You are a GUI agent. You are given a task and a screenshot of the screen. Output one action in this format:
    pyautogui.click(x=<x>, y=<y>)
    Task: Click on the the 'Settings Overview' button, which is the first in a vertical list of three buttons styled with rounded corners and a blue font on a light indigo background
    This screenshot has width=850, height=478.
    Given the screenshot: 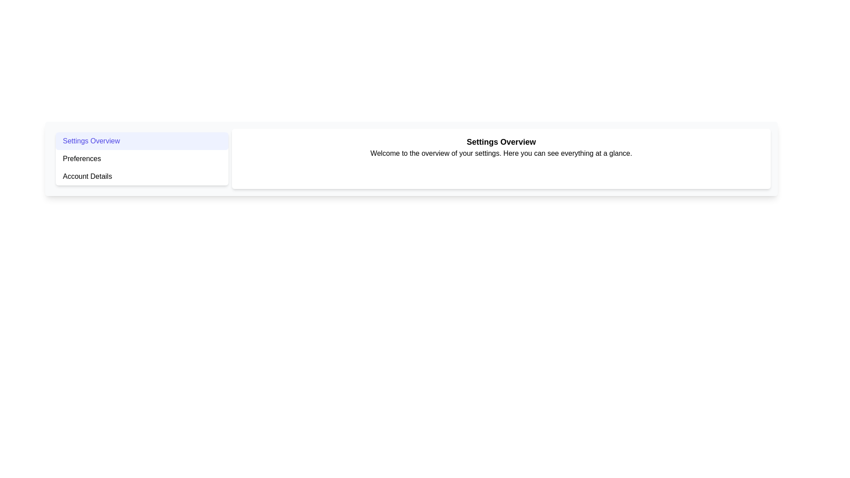 What is the action you would take?
    pyautogui.click(x=142, y=141)
    